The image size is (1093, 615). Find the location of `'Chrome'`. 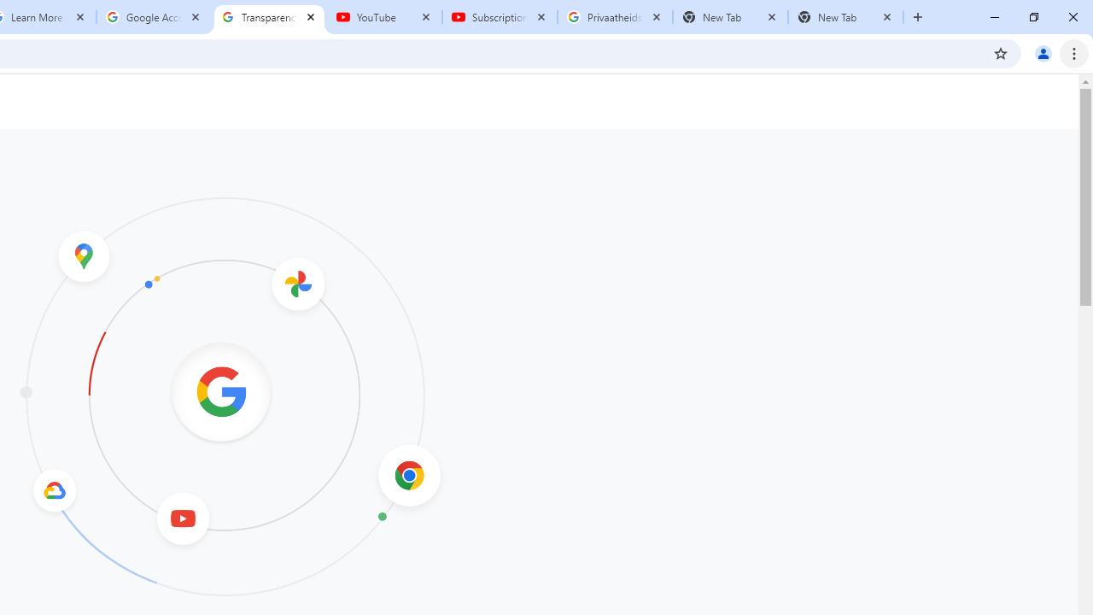

'Chrome' is located at coordinates (1075, 52).